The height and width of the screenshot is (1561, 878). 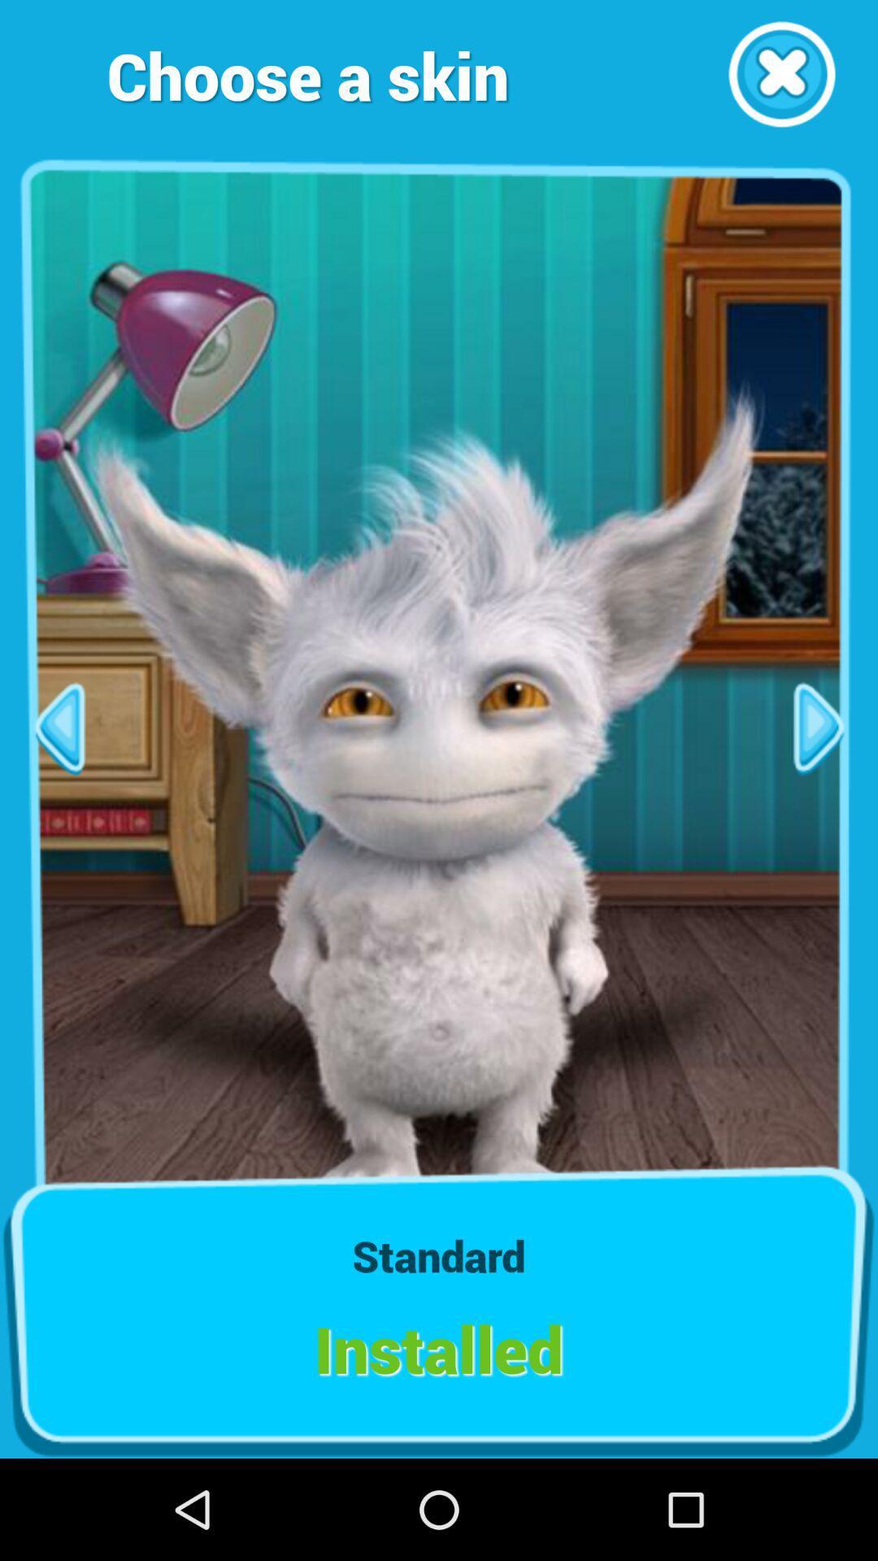 What do you see at coordinates (58, 728) in the screenshot?
I see `next bage` at bounding box center [58, 728].